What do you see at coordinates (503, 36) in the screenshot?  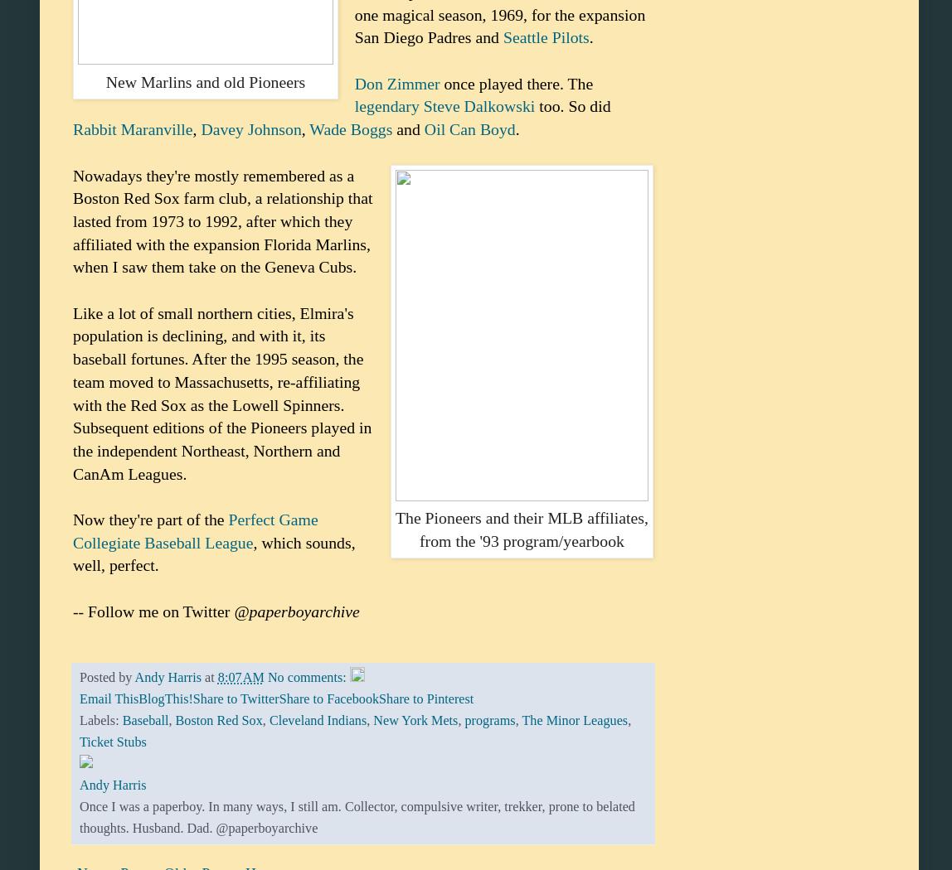 I see `'Seattle Pilots'` at bounding box center [503, 36].